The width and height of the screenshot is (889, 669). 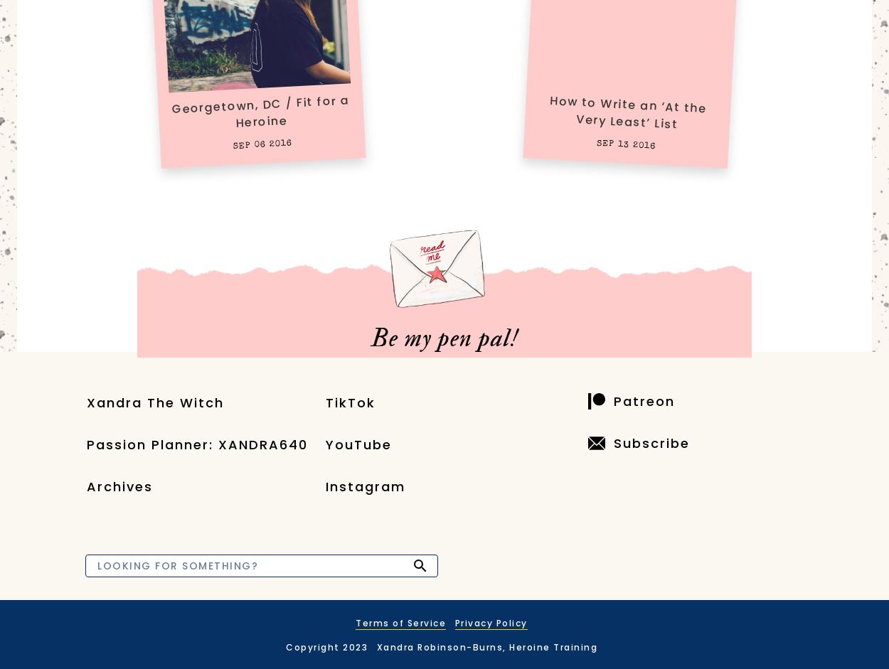 I want to click on 'Georgetown, DC / Fit for a Heroine', so click(x=260, y=110).